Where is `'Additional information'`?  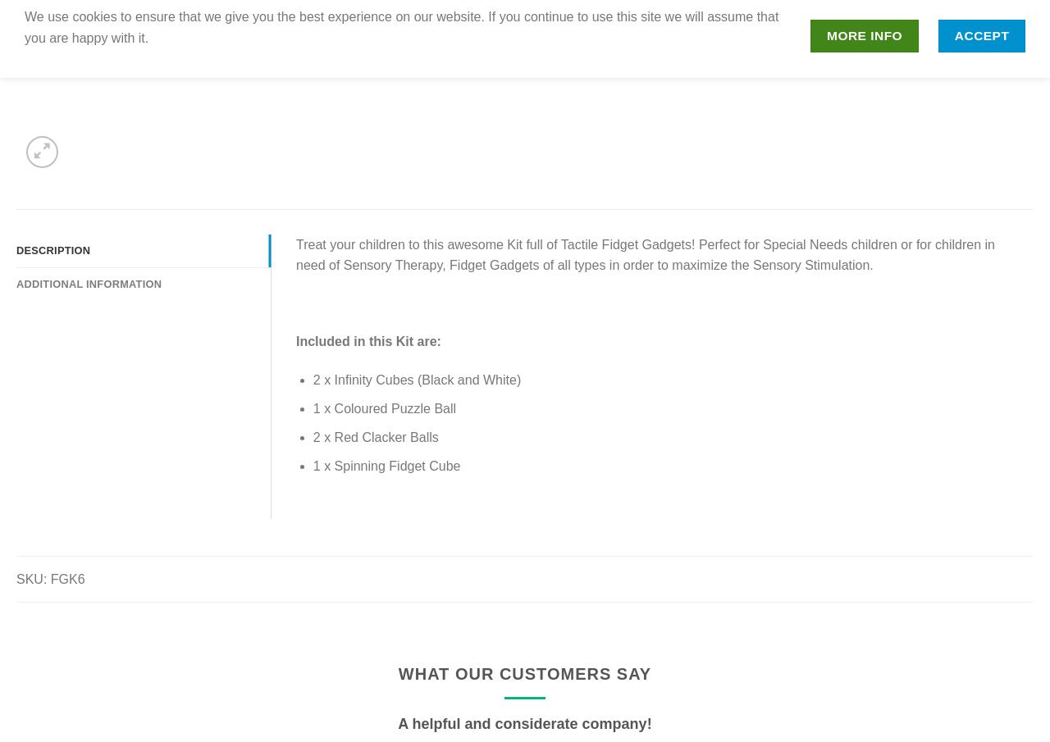
'Additional information' is located at coordinates (88, 282).